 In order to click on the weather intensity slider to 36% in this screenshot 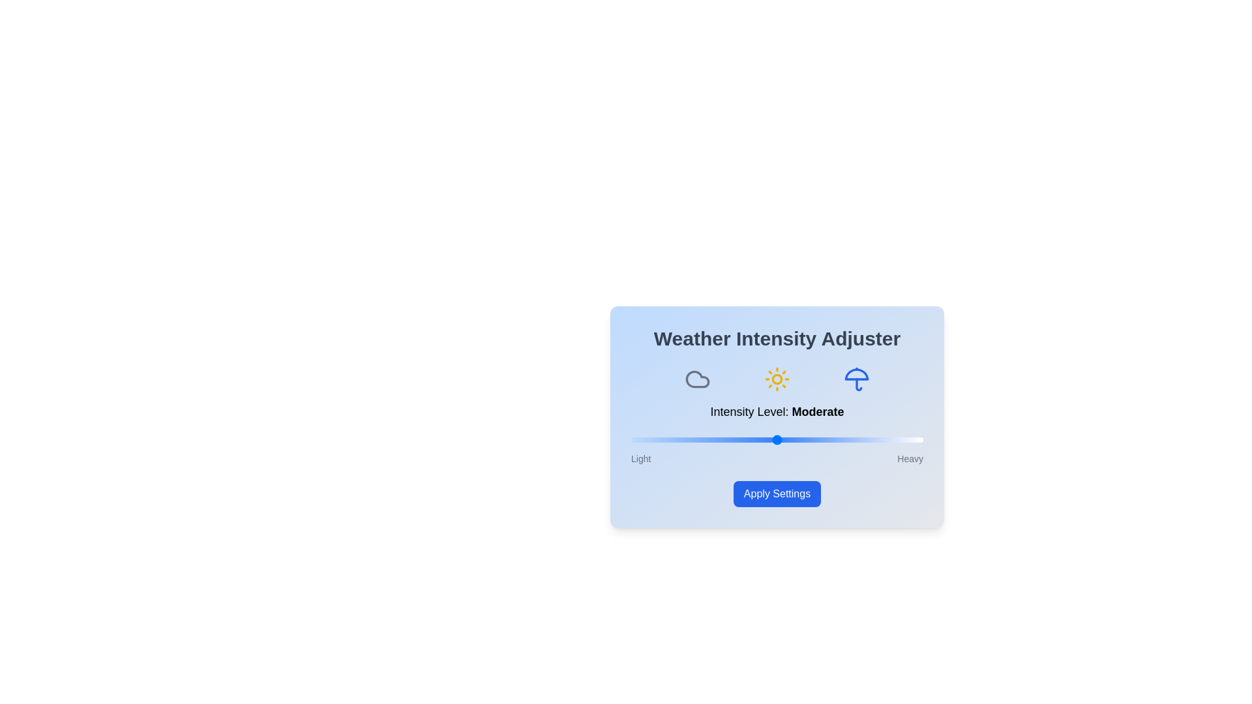, I will do `click(736, 440)`.